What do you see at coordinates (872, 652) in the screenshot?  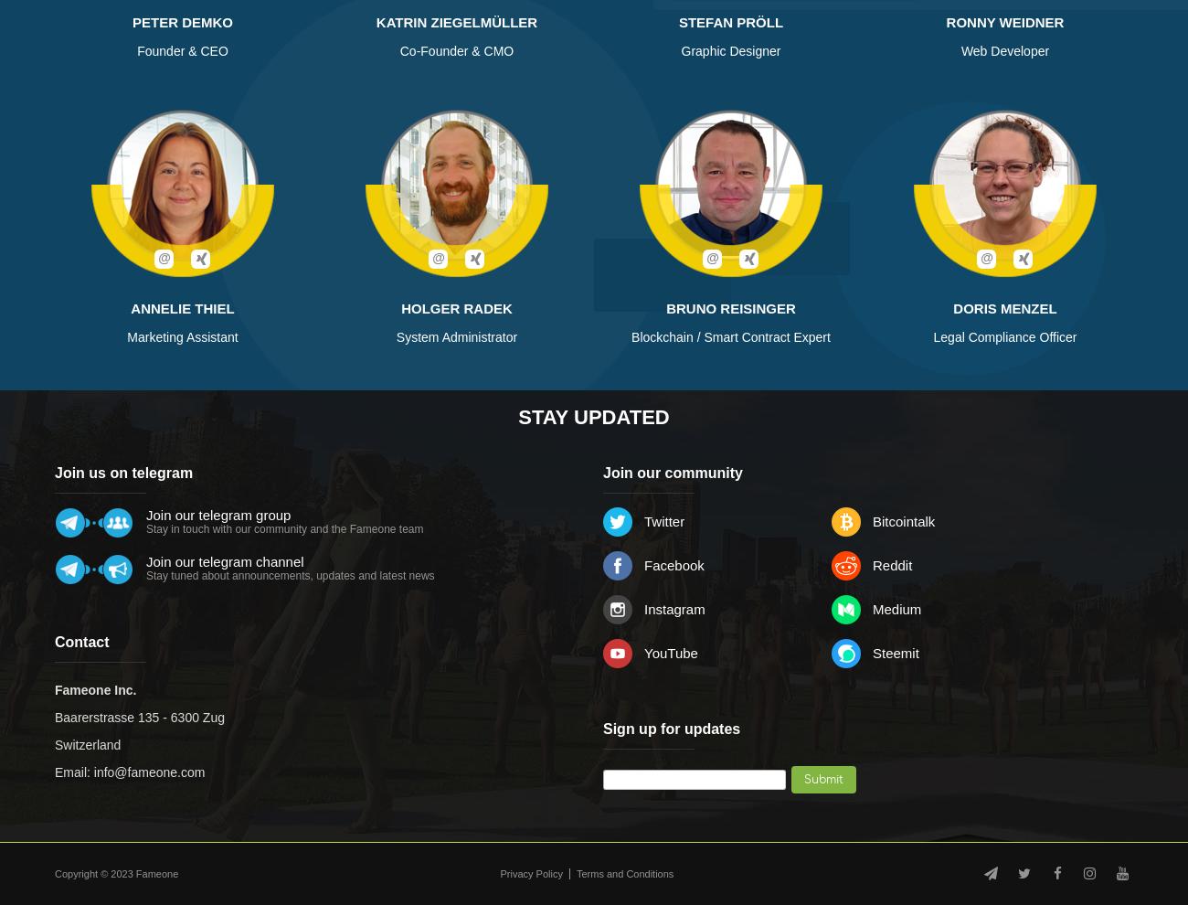 I see `'Steemit'` at bounding box center [872, 652].